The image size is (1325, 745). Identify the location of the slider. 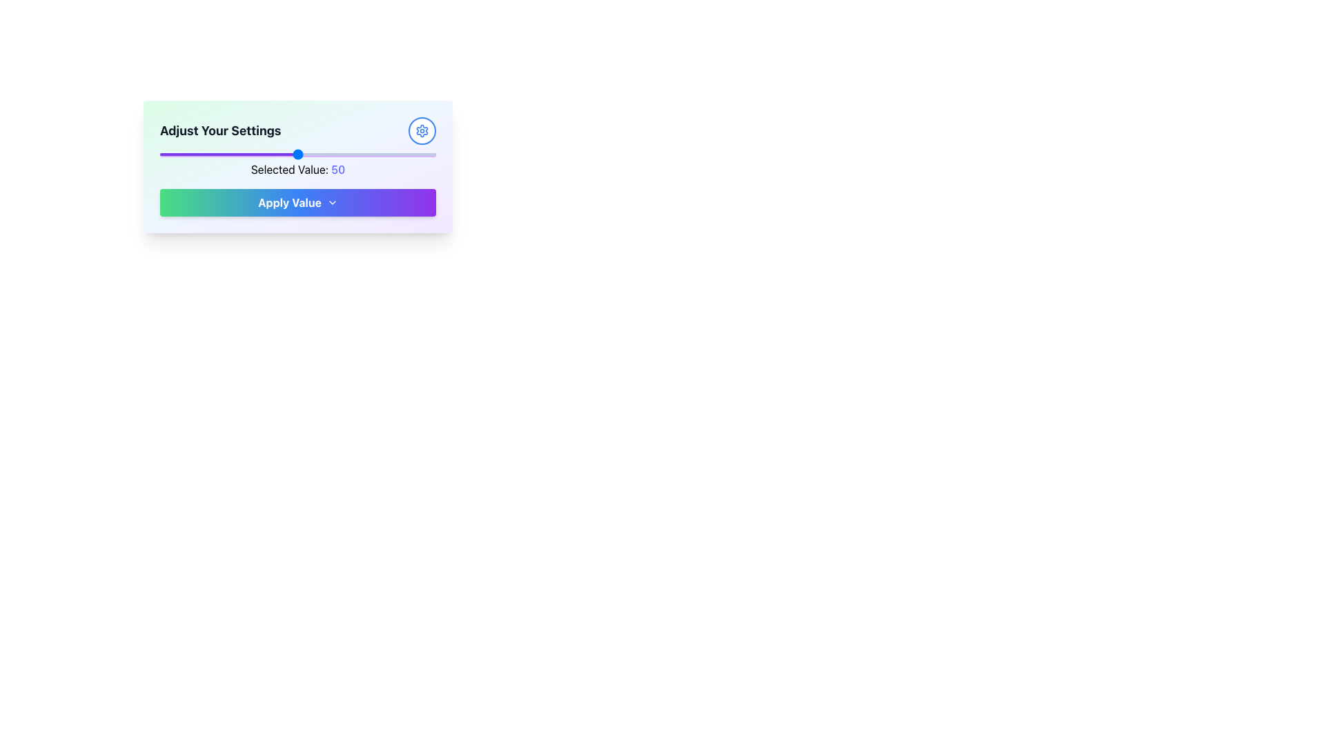
(294, 154).